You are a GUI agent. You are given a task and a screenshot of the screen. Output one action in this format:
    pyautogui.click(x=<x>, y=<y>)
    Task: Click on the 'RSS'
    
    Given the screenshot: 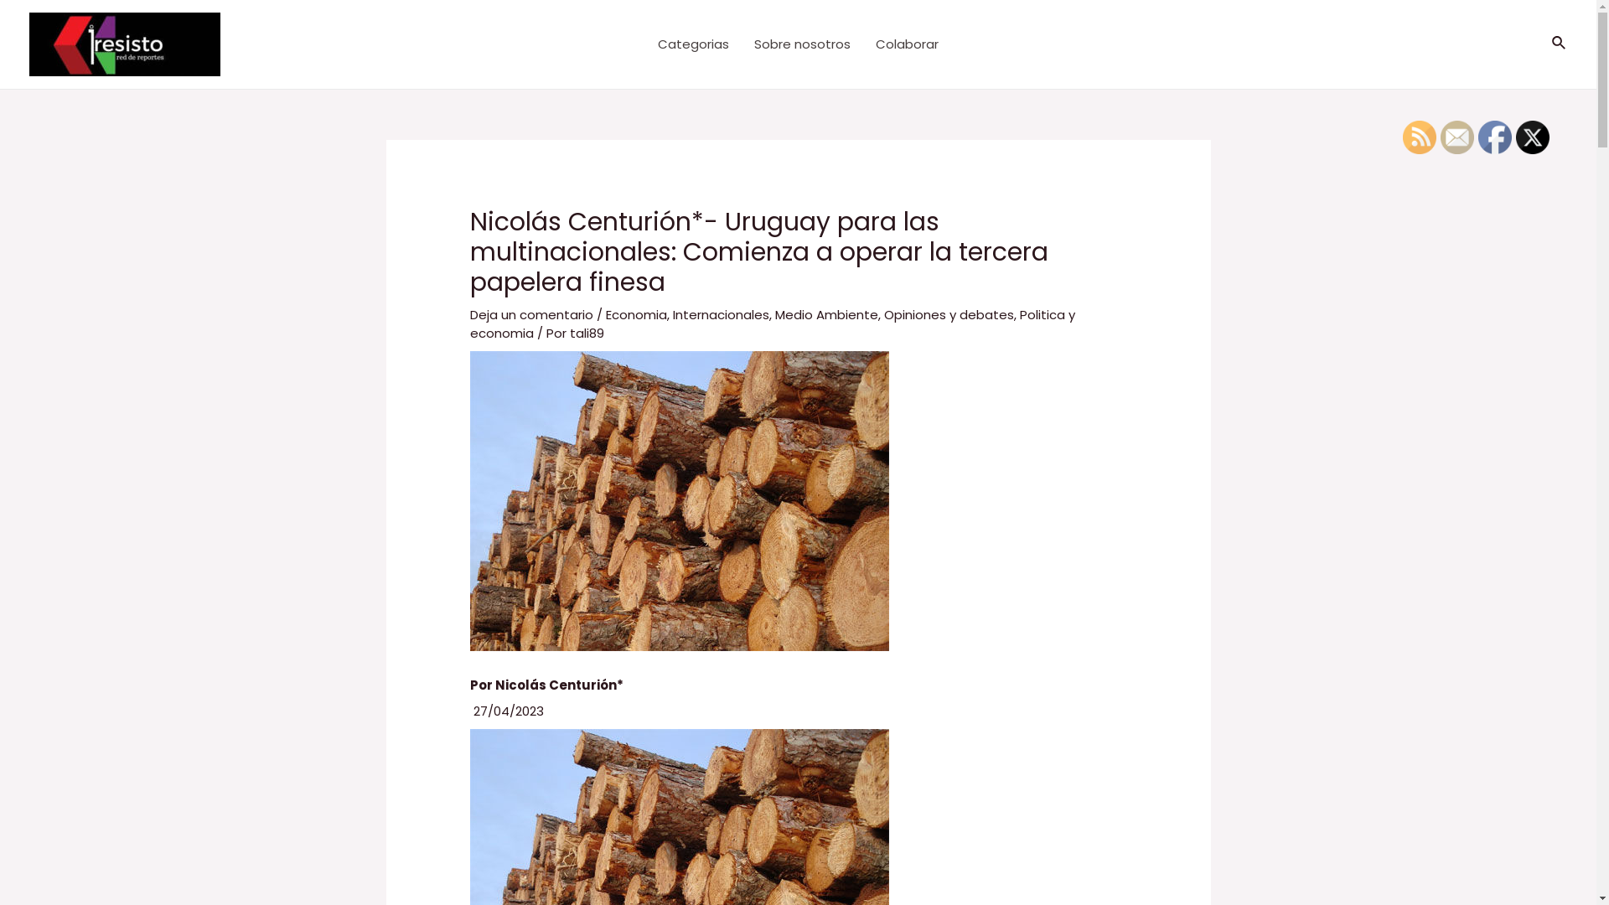 What is the action you would take?
    pyautogui.click(x=1419, y=137)
    